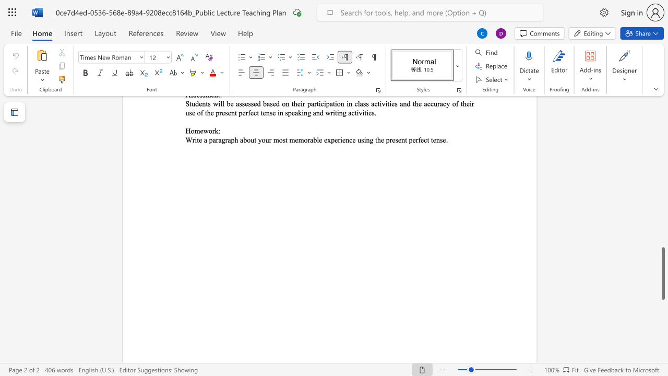 The height and width of the screenshot is (376, 668). I want to click on the page's right scrollbar for upward movement, so click(662, 177).